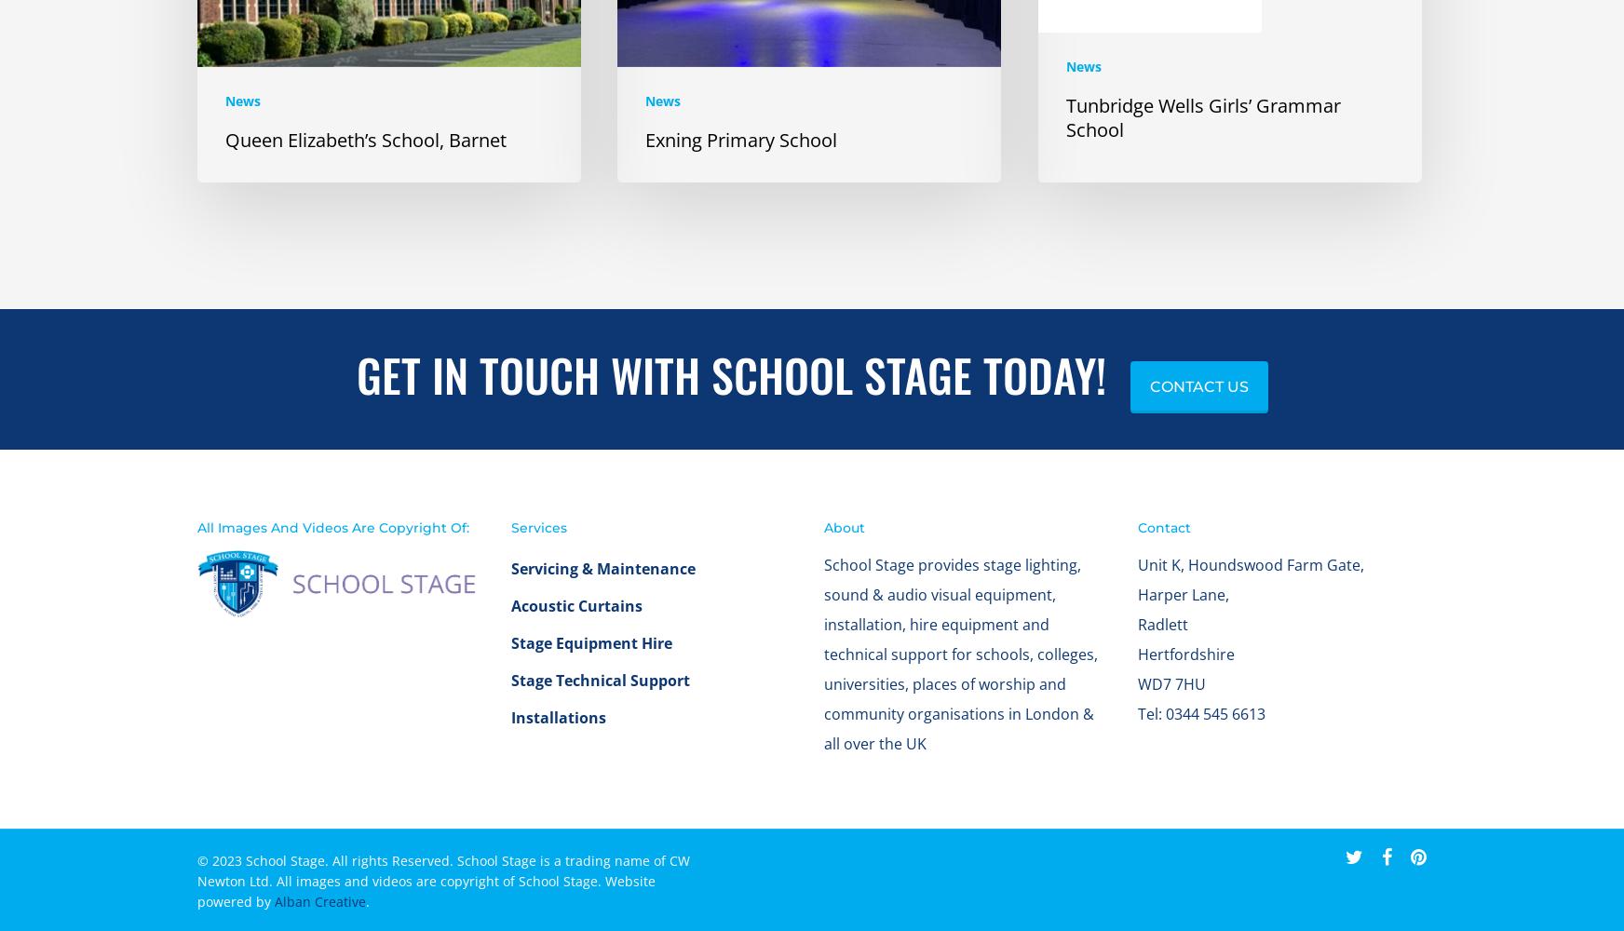  What do you see at coordinates (319, 918) in the screenshot?
I see `'Alban Creative'` at bounding box center [319, 918].